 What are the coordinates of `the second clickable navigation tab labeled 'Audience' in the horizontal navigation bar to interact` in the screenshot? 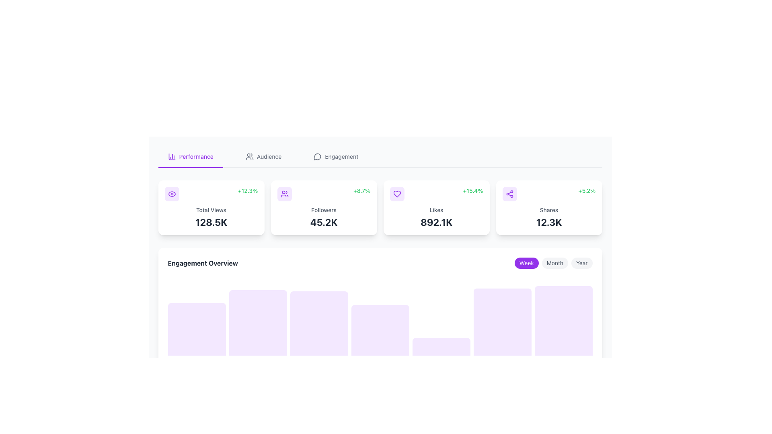 It's located at (263, 156).